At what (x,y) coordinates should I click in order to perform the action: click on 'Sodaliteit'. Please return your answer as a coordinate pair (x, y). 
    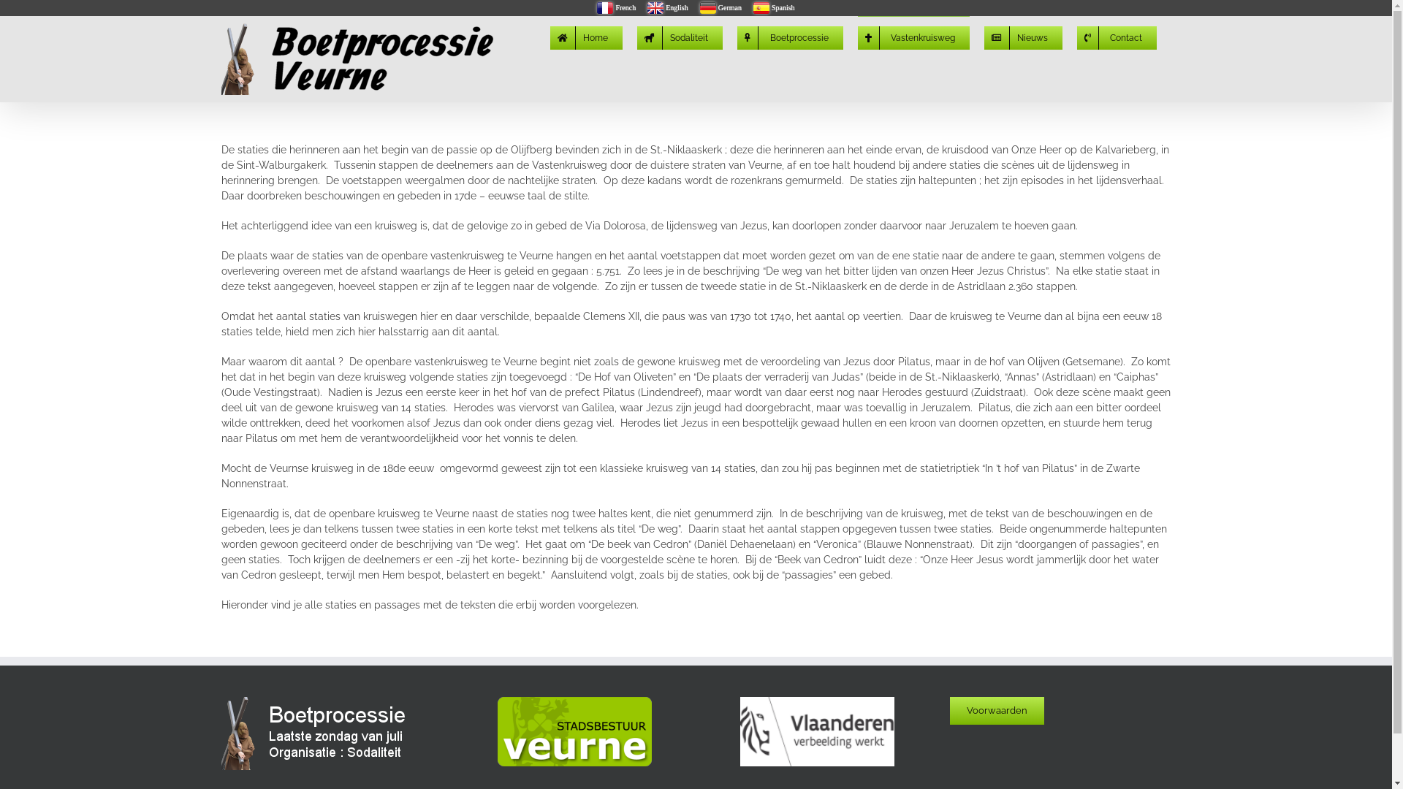
    Looking at the image, I should click on (679, 36).